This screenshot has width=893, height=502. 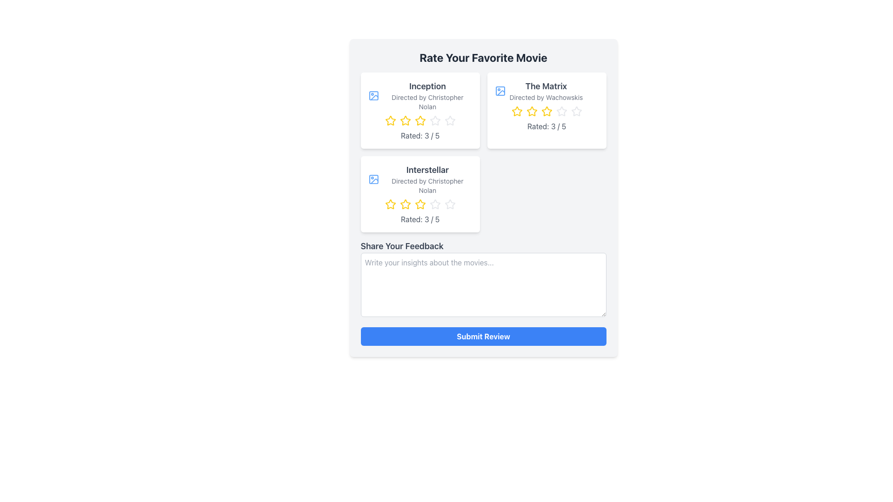 What do you see at coordinates (420, 136) in the screenshot?
I see `the informational text label displaying 'Rated: 3 / 5' which is positioned beneath the rating stars for the movie 'Inception'` at bounding box center [420, 136].